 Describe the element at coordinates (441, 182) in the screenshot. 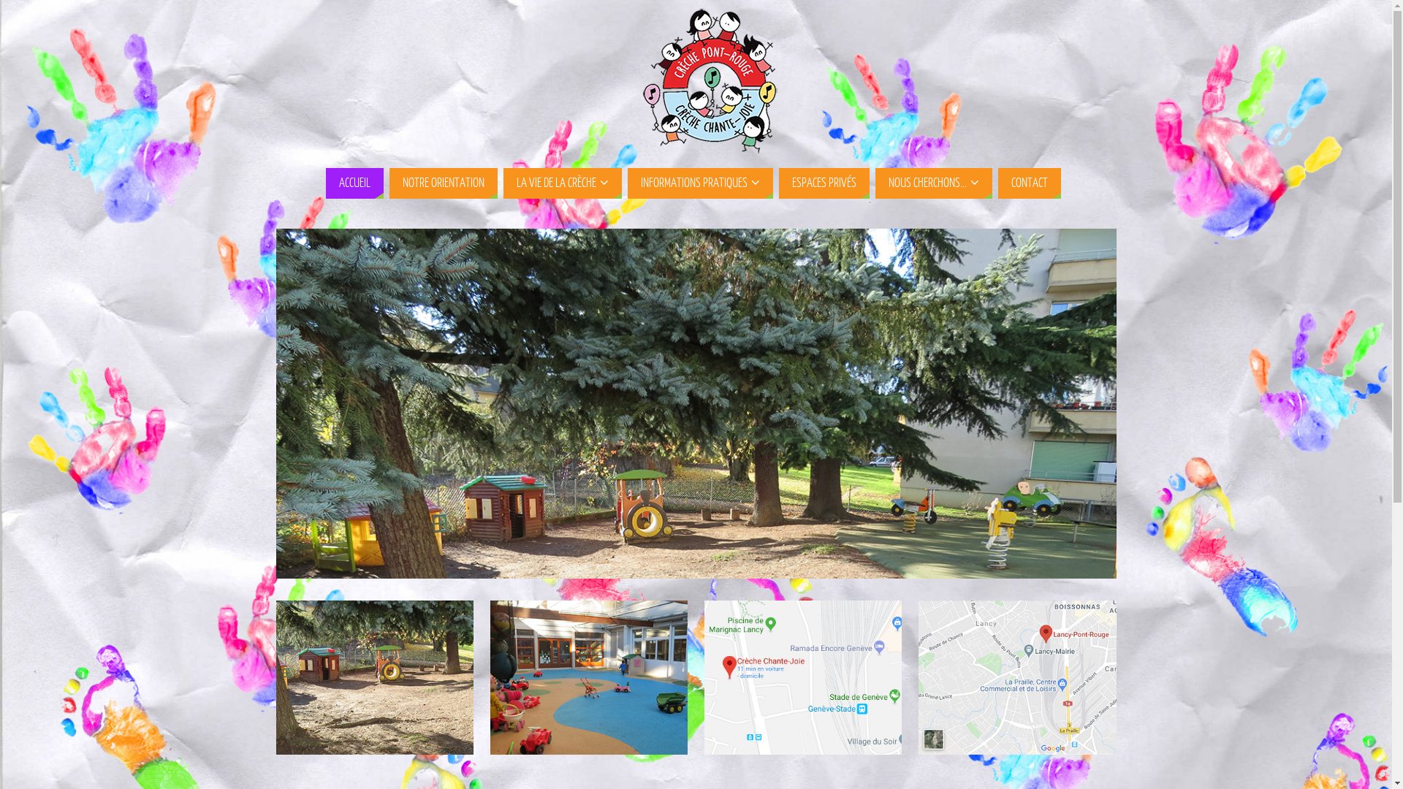

I see `'NOTRE ORIENTATION'` at that location.